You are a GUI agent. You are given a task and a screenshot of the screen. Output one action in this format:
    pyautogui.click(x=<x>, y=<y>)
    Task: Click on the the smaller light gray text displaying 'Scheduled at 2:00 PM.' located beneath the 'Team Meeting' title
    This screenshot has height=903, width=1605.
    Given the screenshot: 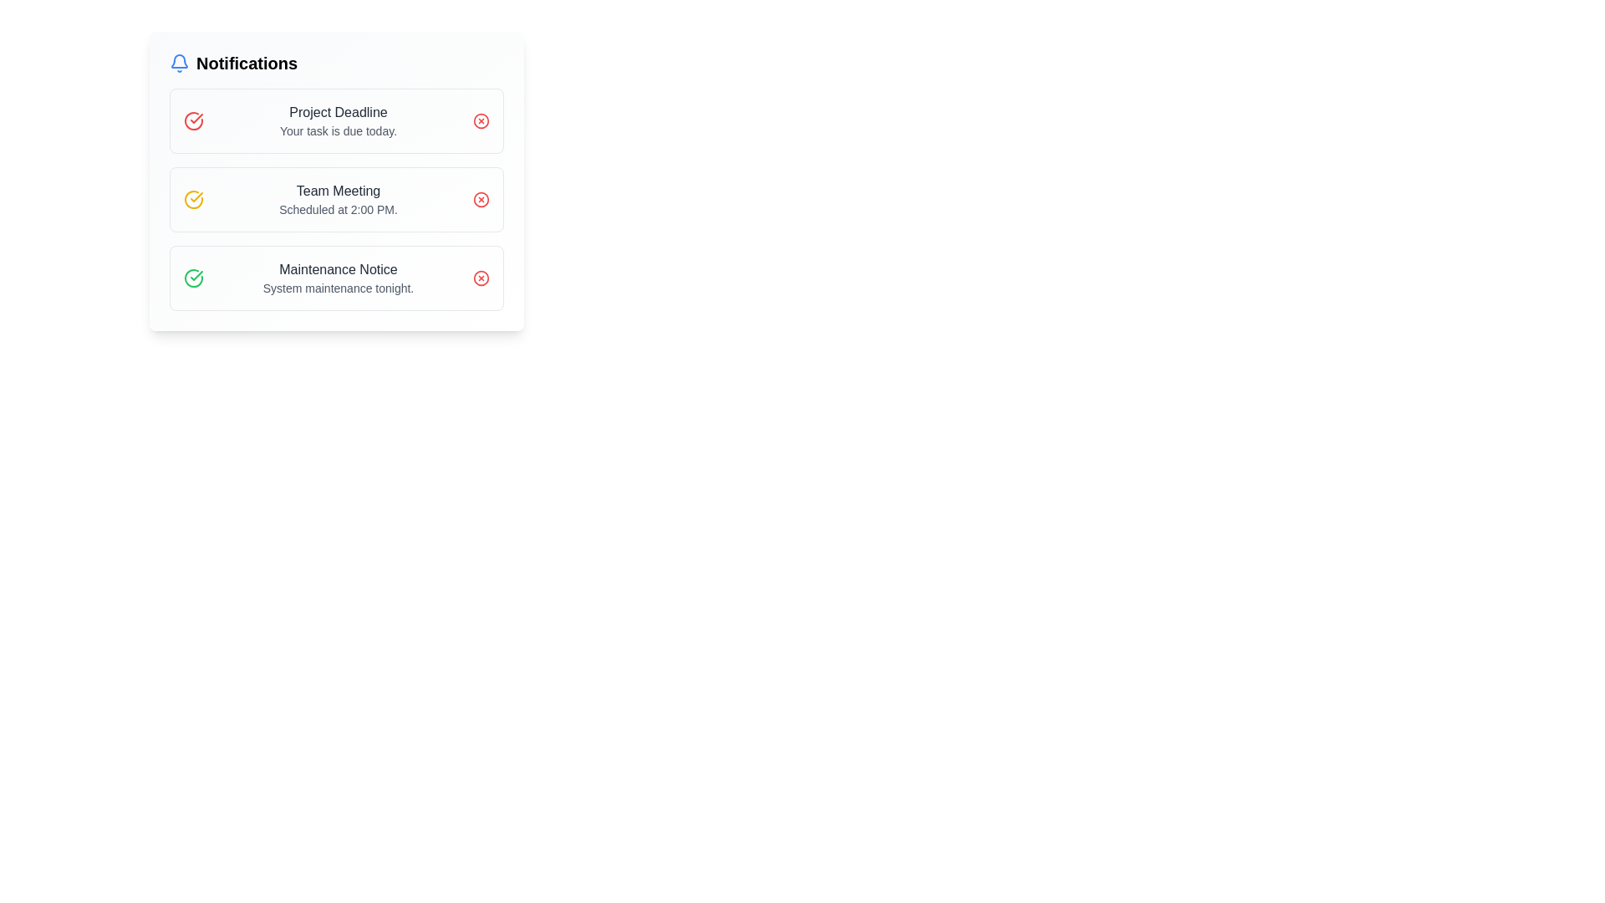 What is the action you would take?
    pyautogui.click(x=337, y=208)
    